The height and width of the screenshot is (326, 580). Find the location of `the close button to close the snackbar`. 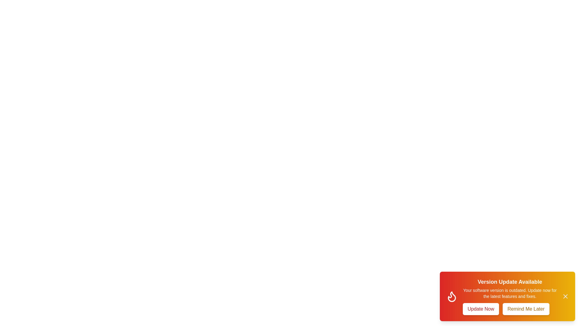

the close button to close the snackbar is located at coordinates (565, 296).